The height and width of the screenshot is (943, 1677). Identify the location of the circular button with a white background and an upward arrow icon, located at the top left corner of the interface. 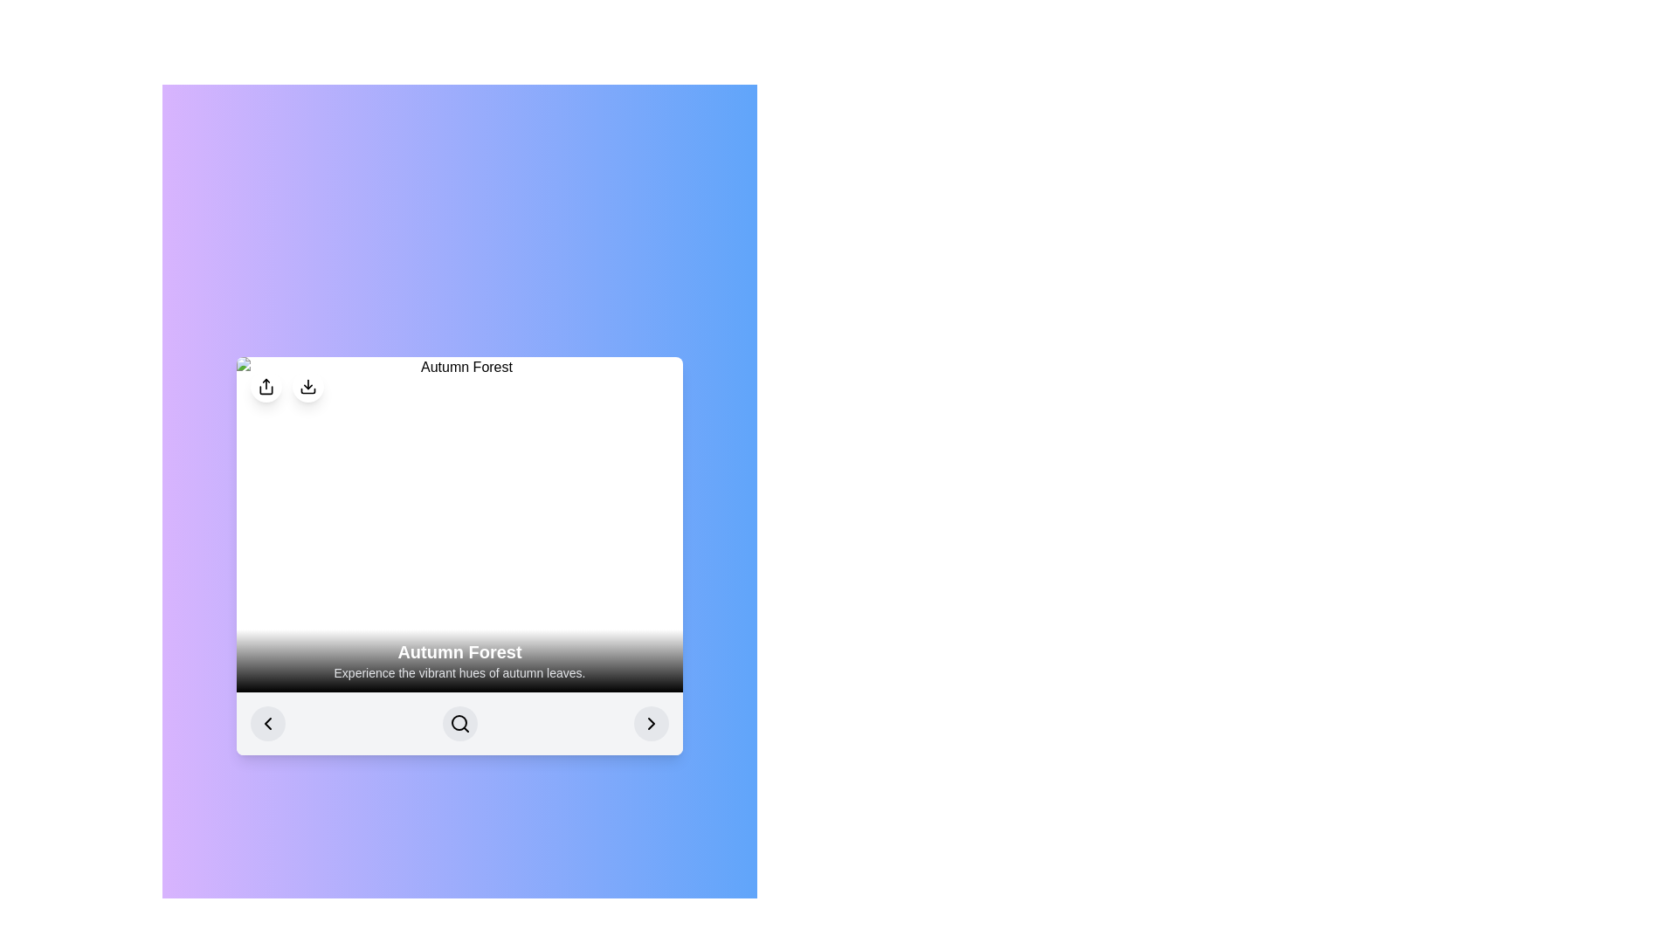
(266, 386).